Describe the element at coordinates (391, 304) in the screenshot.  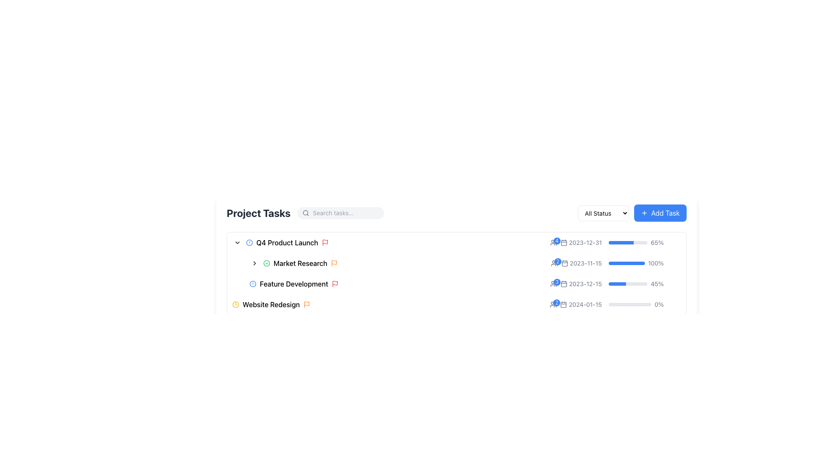
I see `the task titled 'Website Redesign' which is the fourth item` at that location.